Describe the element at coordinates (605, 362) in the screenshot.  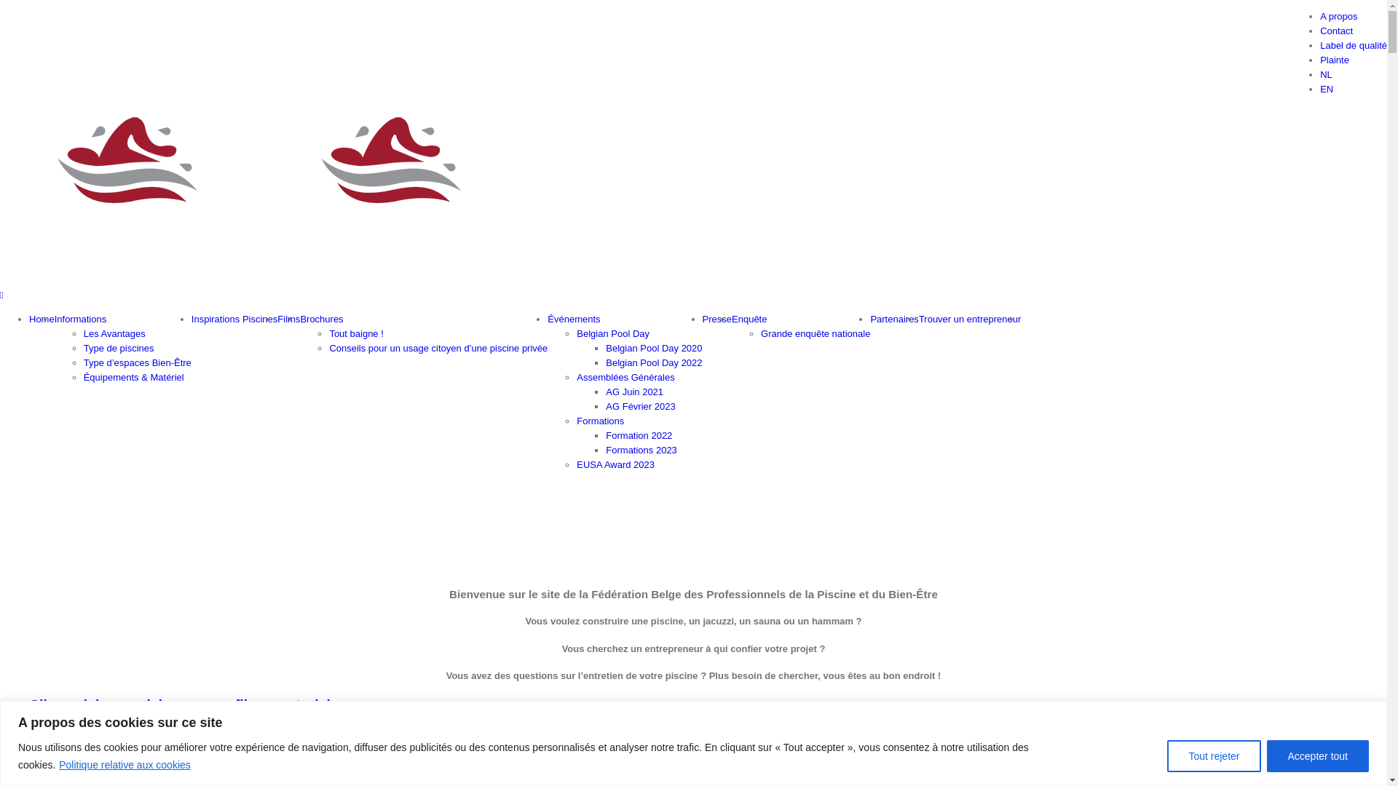
I see `'Belgian Pool Day 2022'` at that location.